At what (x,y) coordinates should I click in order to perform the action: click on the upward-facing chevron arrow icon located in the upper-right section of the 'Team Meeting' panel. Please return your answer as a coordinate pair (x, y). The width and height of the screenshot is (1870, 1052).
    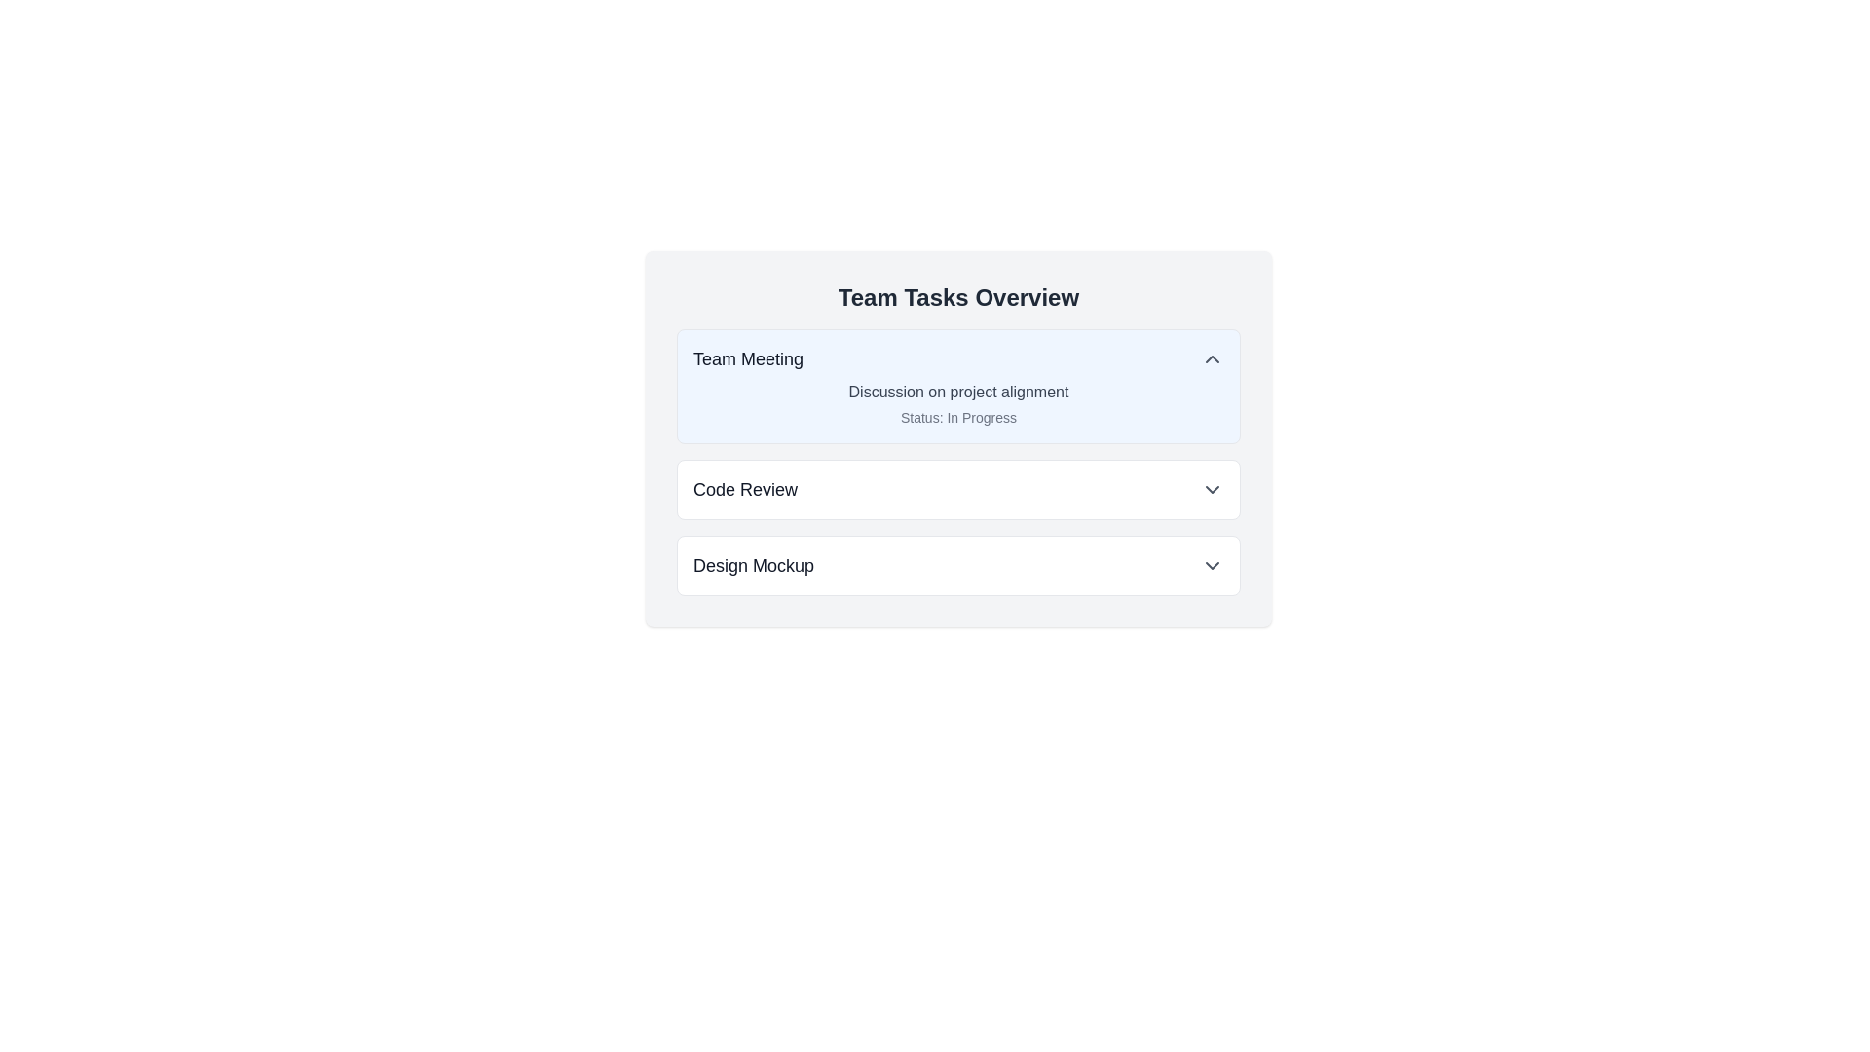
    Looking at the image, I should click on (1211, 359).